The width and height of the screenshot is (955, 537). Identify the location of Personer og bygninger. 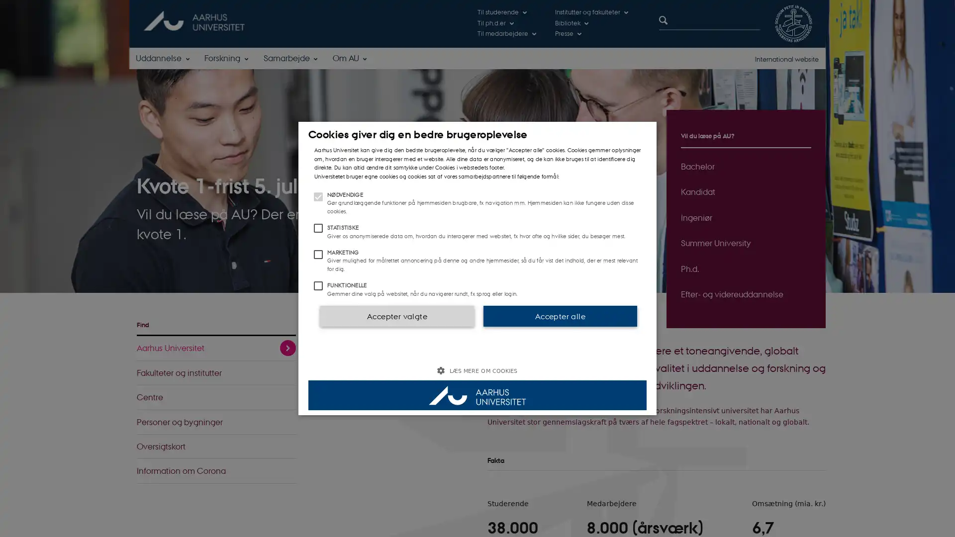
(216, 422).